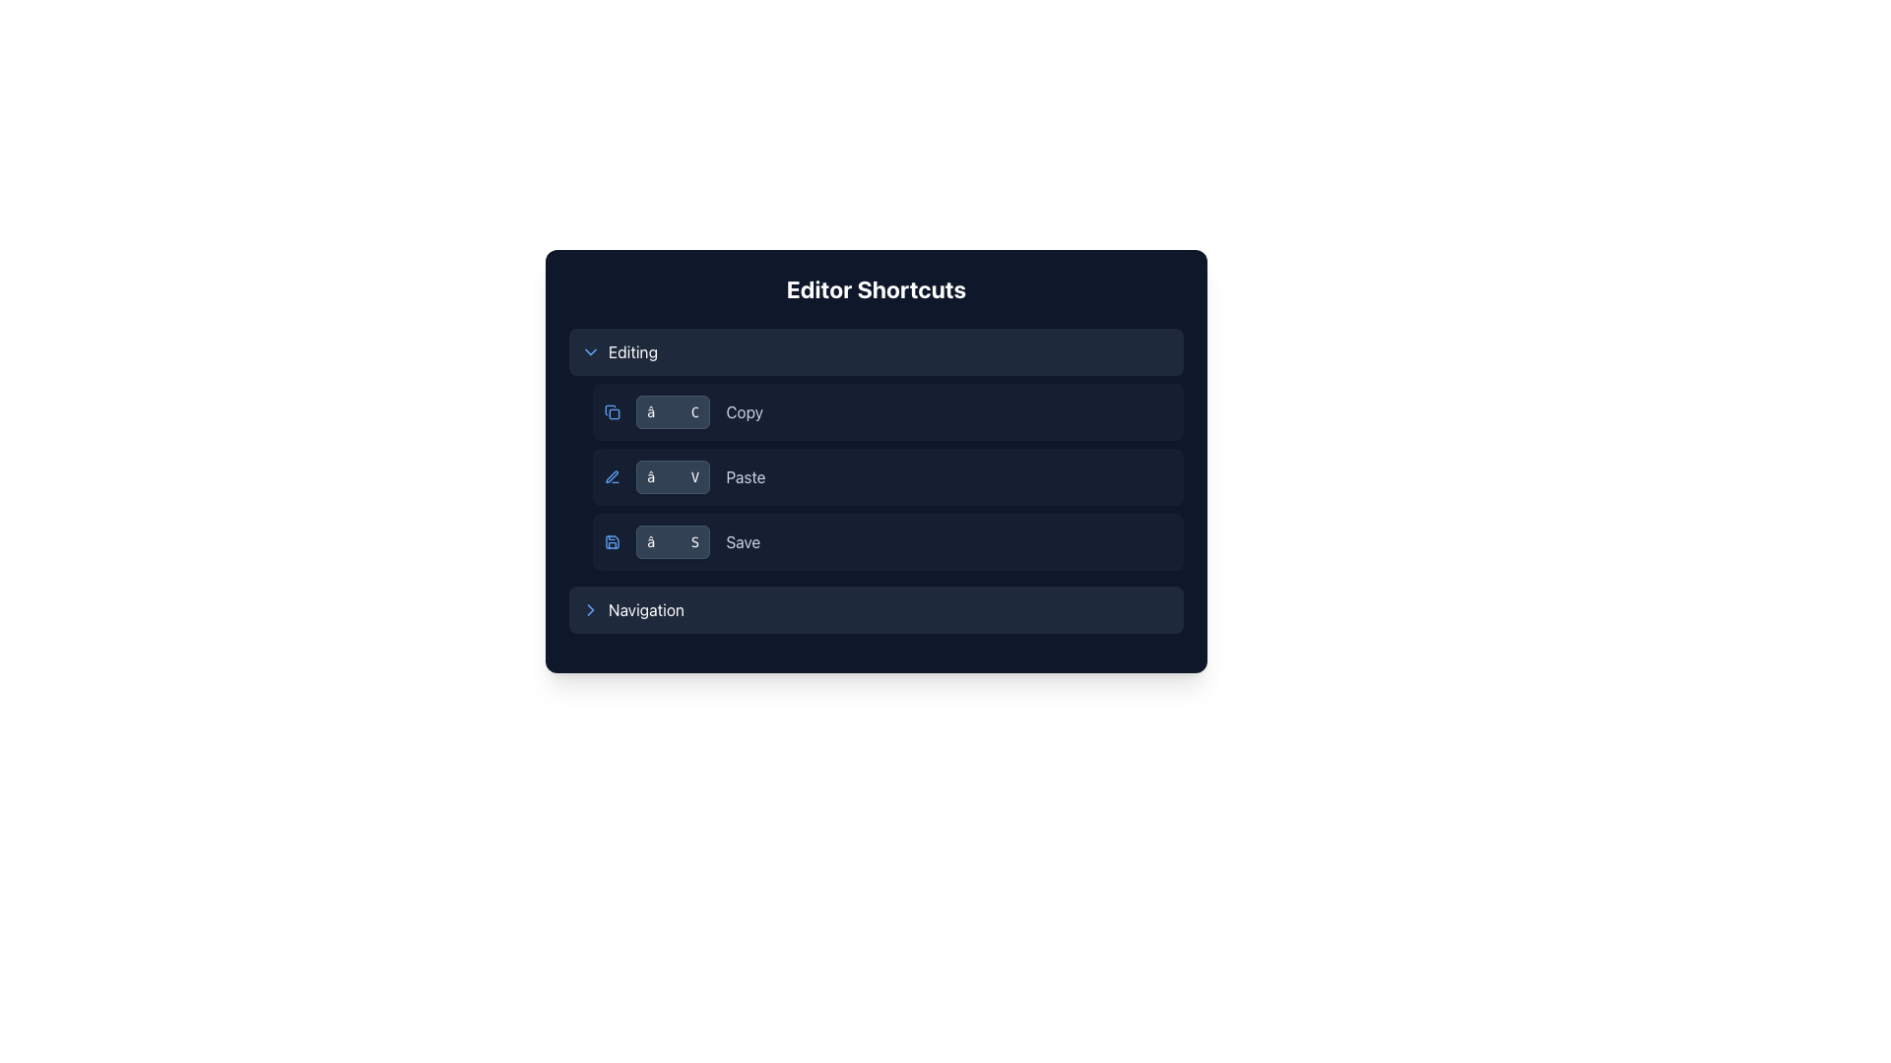 The image size is (1891, 1063). I want to click on the Text label that identifies the editing functionalities within the 'Editor Shortcuts' section, which is surrounded by a dark blue rectangular background and located to the right of a down-arrow chevron icon, so click(633, 351).